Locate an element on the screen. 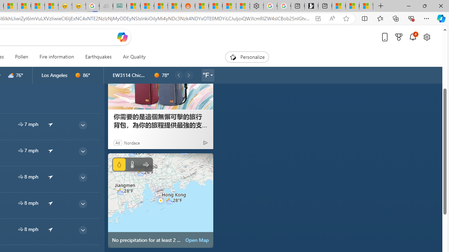 The width and height of the screenshot is (449, 252). 'Pollen' is located at coordinates (21, 57).